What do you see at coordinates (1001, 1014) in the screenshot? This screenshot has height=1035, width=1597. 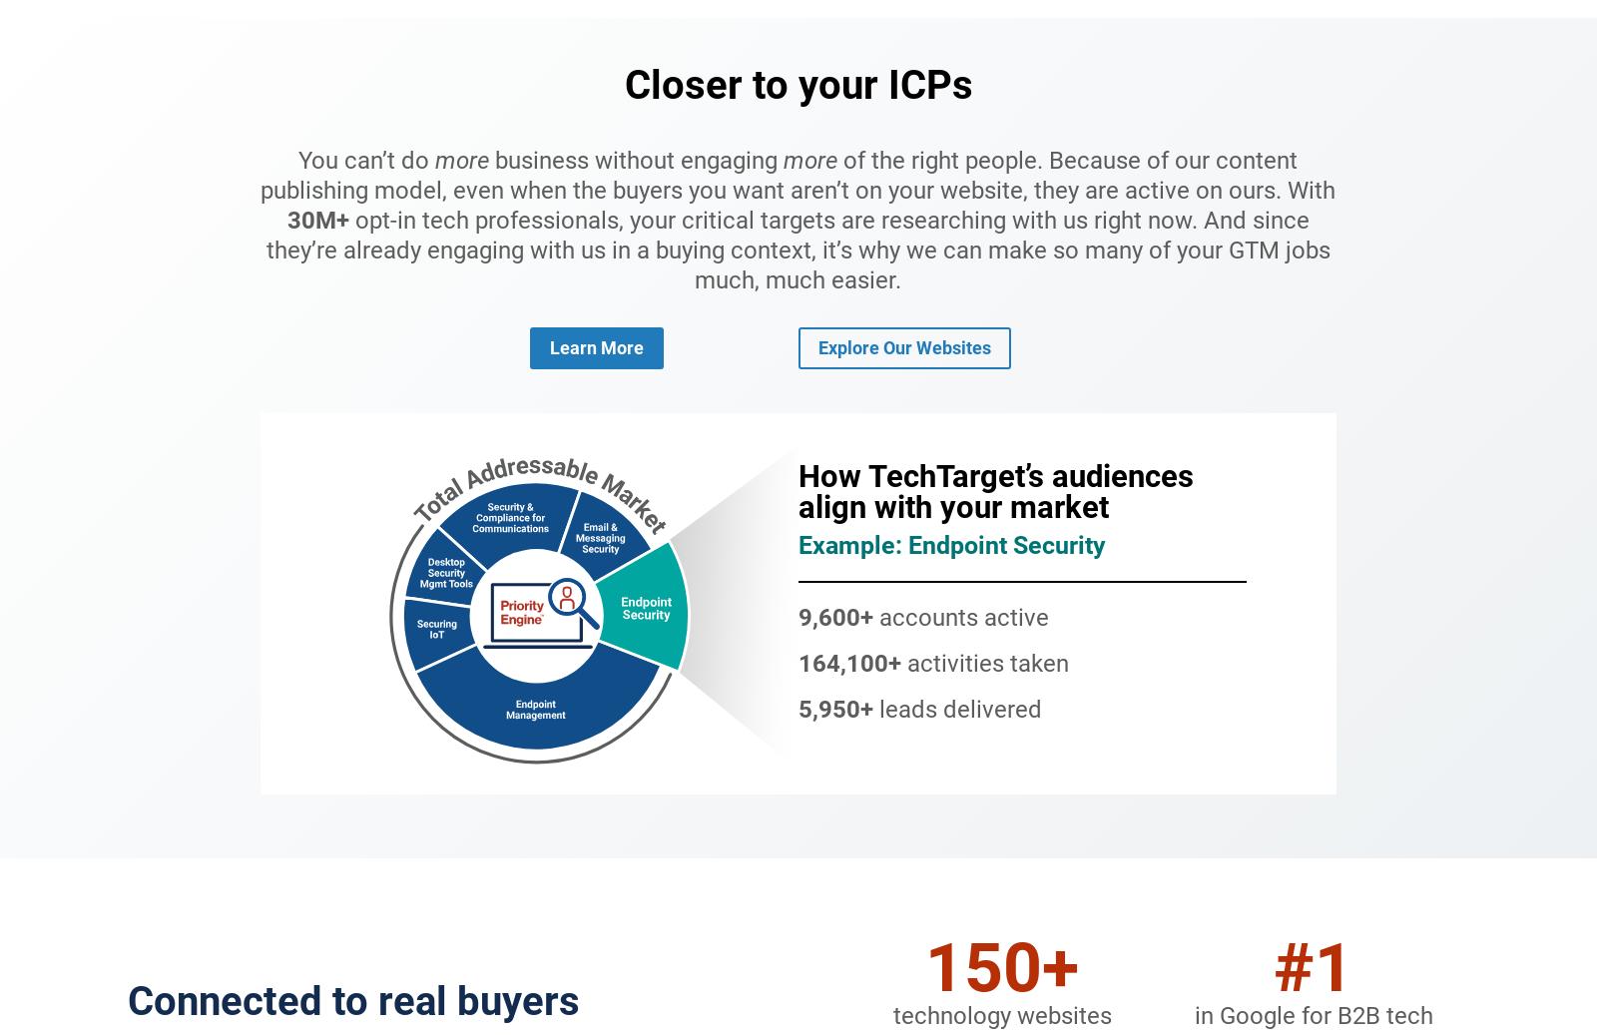 I see `'technology websites'` at bounding box center [1001, 1014].